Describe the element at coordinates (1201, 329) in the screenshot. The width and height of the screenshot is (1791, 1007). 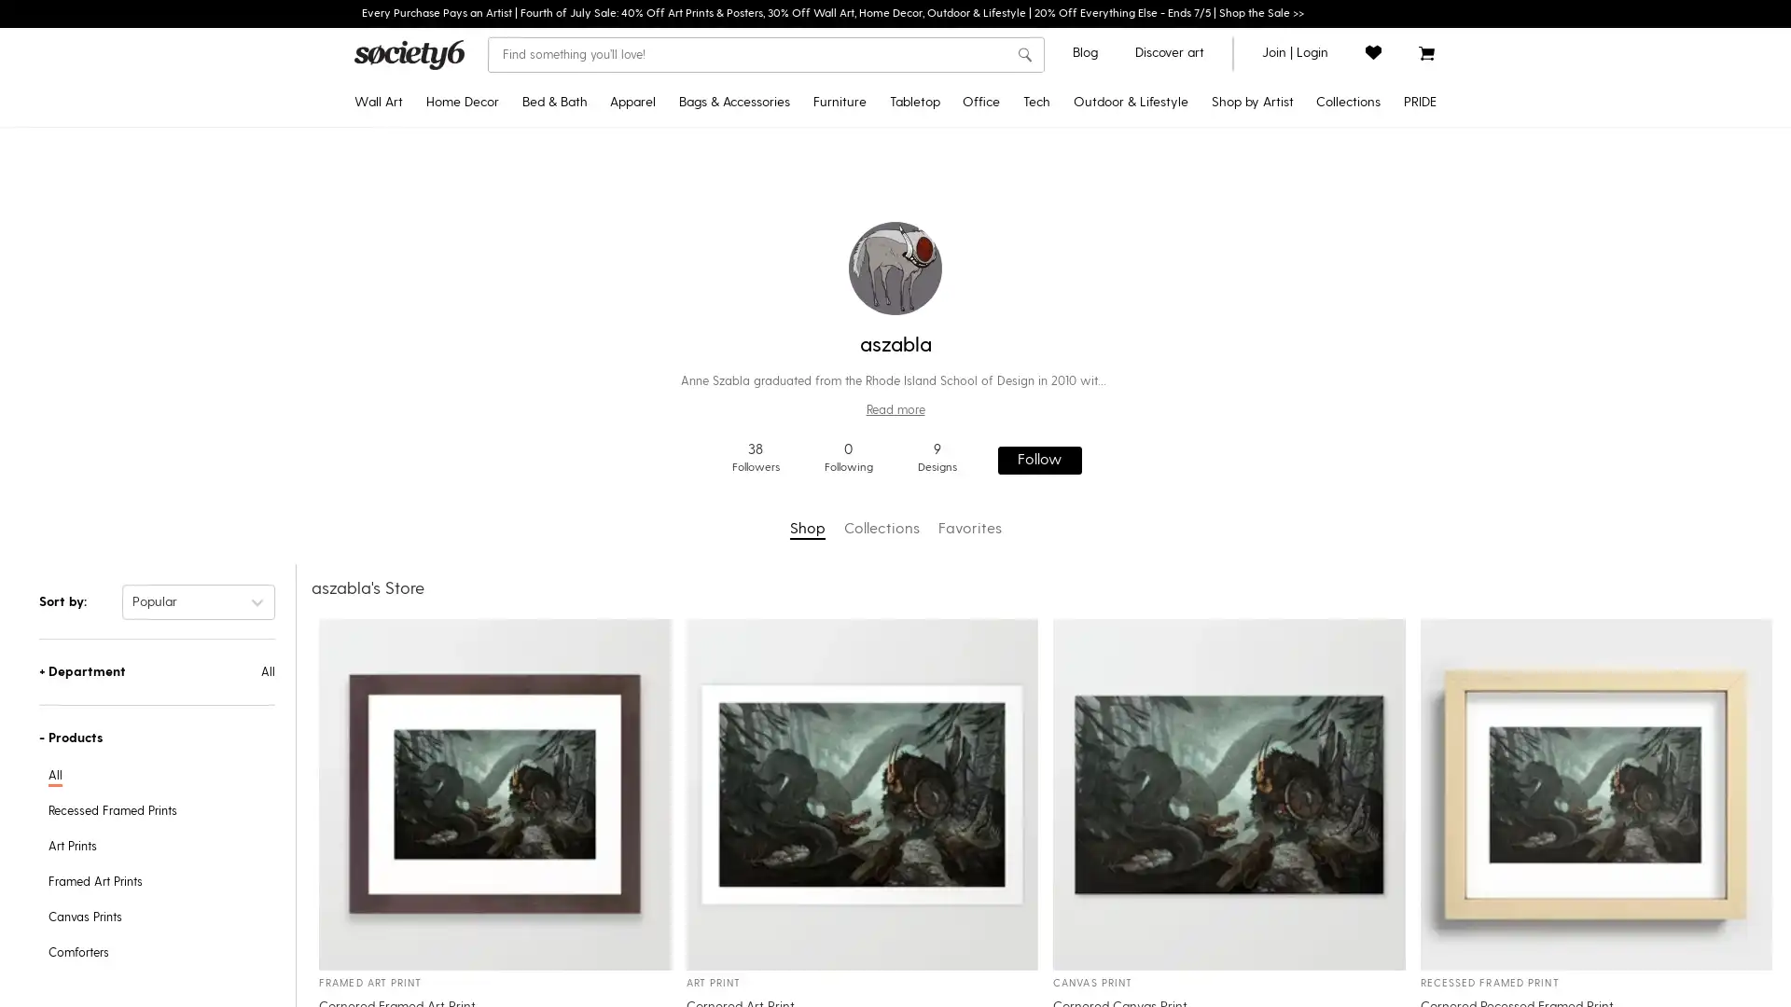
I see `Support Ukrainian Artists` at that location.